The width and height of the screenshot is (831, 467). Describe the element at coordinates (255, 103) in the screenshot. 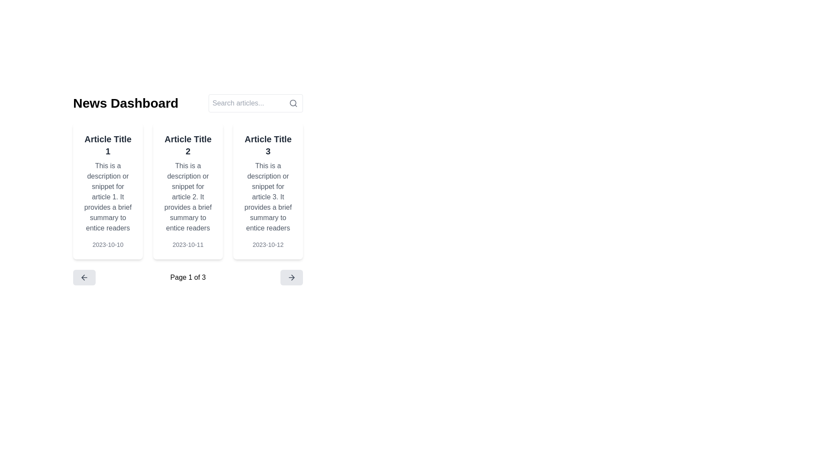

I see `the search input field with placeholder text 'Search articles...' and the accompanying magnifying glass icon located in the top-right section of the 'News Dashboard'` at that location.